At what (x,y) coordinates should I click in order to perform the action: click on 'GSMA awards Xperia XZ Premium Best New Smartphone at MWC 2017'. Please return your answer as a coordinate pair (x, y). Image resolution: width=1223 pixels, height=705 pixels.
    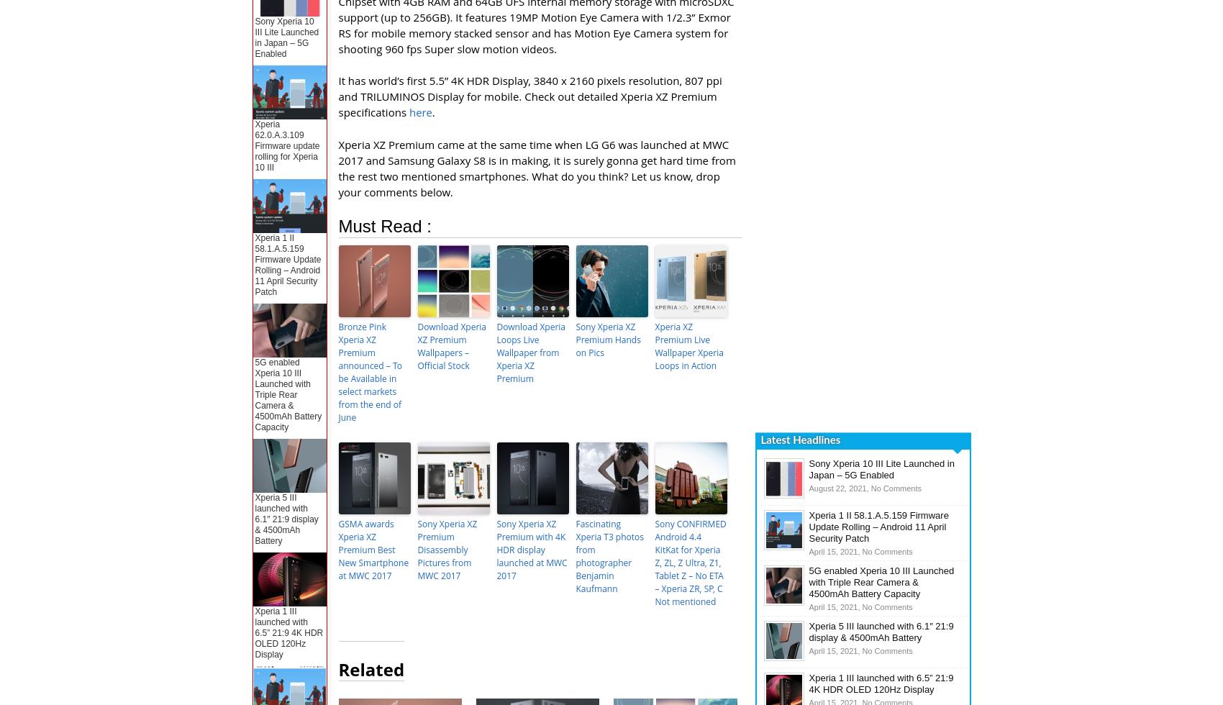
    Looking at the image, I should click on (373, 550).